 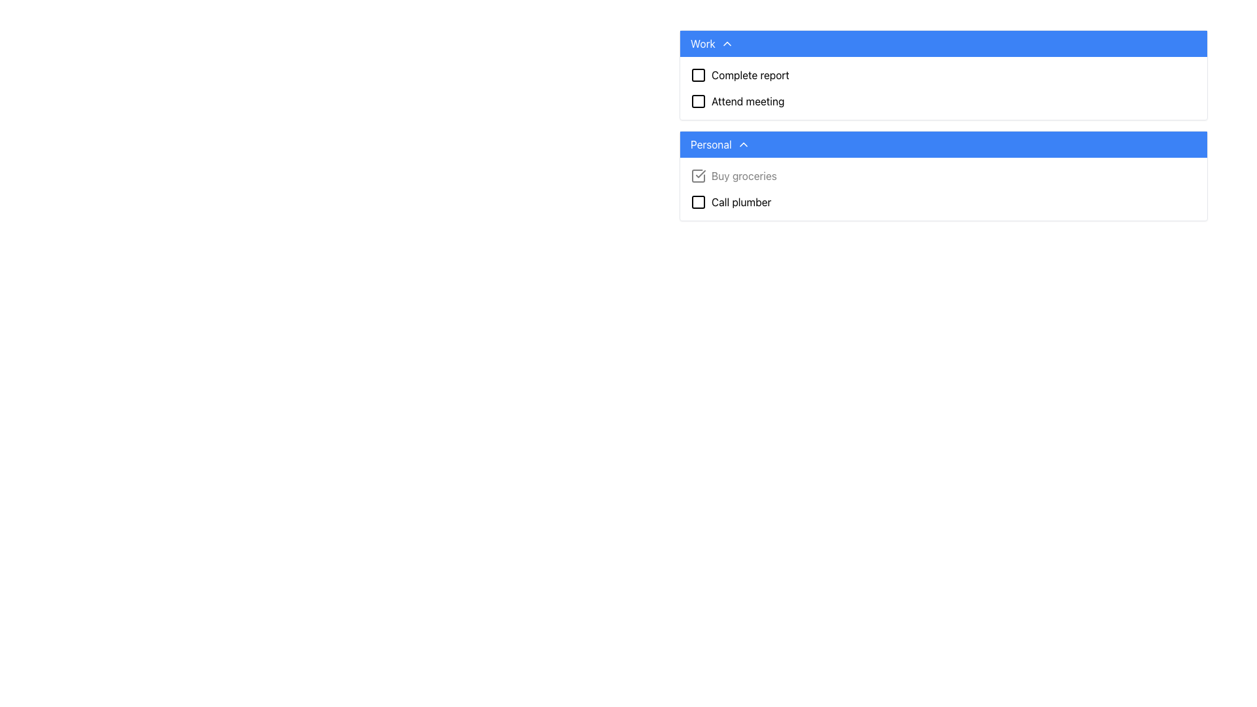 I want to click on the 'Personal' checklist tasks section, so click(x=943, y=131).